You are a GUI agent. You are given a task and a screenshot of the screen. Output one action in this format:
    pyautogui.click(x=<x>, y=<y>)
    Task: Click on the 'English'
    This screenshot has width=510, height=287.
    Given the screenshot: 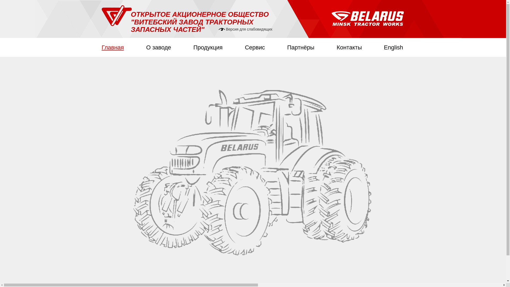 What is the action you would take?
    pyautogui.click(x=393, y=47)
    